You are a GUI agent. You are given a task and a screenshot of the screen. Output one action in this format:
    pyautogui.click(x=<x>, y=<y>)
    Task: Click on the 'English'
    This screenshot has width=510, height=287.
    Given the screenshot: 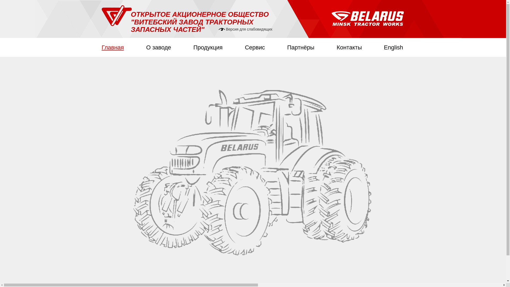 What is the action you would take?
    pyautogui.click(x=393, y=47)
    